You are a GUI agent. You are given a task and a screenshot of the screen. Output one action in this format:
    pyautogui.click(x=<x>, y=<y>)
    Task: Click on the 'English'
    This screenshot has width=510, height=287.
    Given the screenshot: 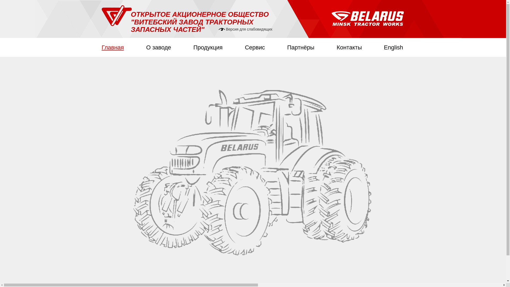 What is the action you would take?
    pyautogui.click(x=393, y=47)
    